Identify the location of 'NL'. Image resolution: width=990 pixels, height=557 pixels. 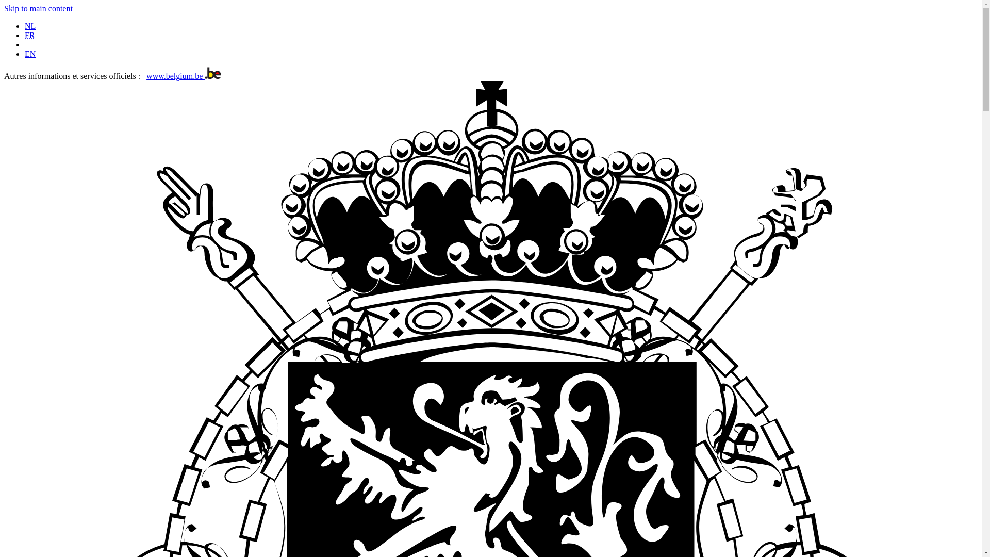
(30, 25).